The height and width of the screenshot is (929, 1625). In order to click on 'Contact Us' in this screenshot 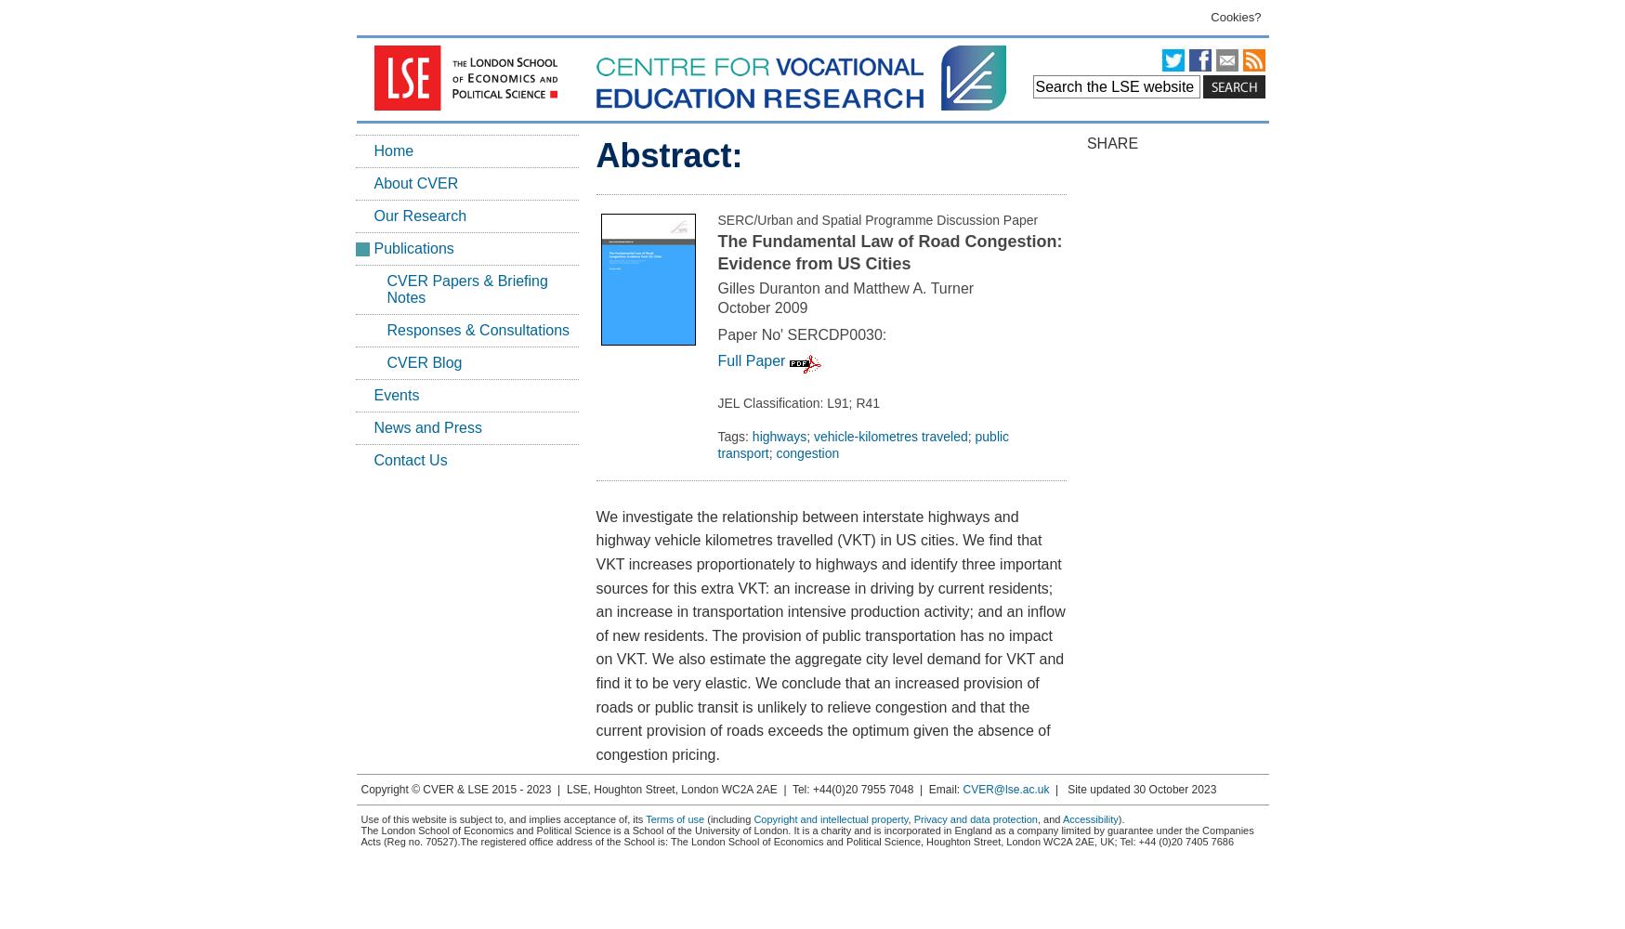, I will do `click(373, 459)`.